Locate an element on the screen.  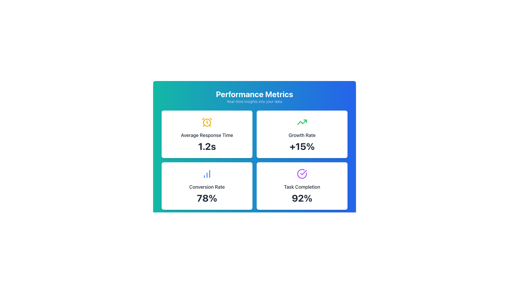
the bold, large-sized text displaying '78%' in black, which is centrally located in the bottom-left card labeled 'Conversion Rate' is located at coordinates (206, 198).